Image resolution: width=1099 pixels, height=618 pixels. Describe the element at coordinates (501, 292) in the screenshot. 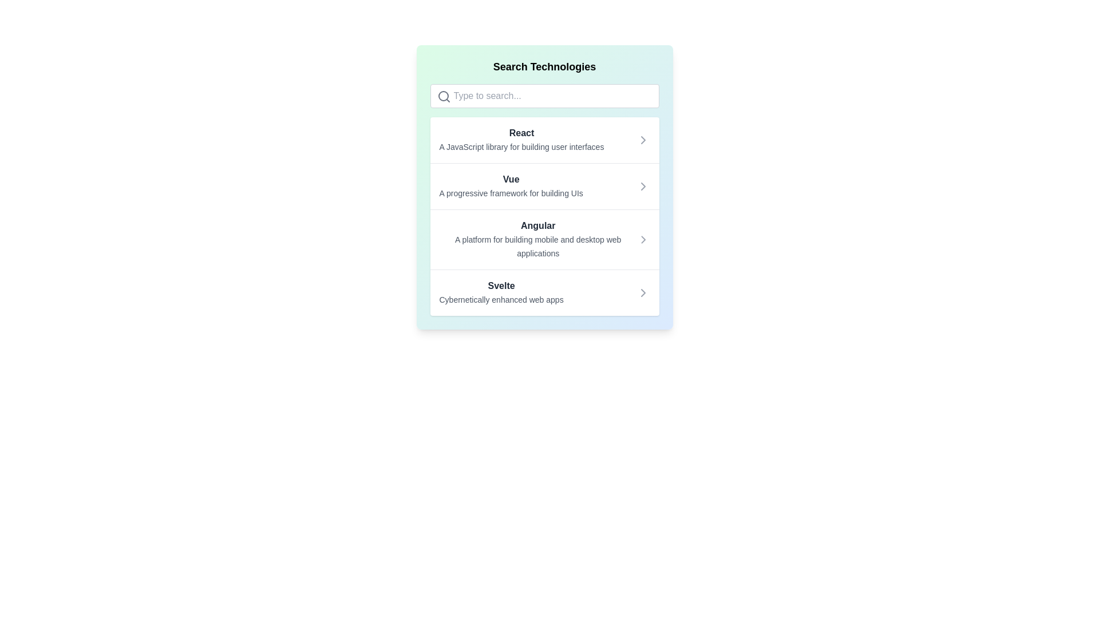

I see `the label representing the 'Svelte' technology, which is the fourth item` at that location.